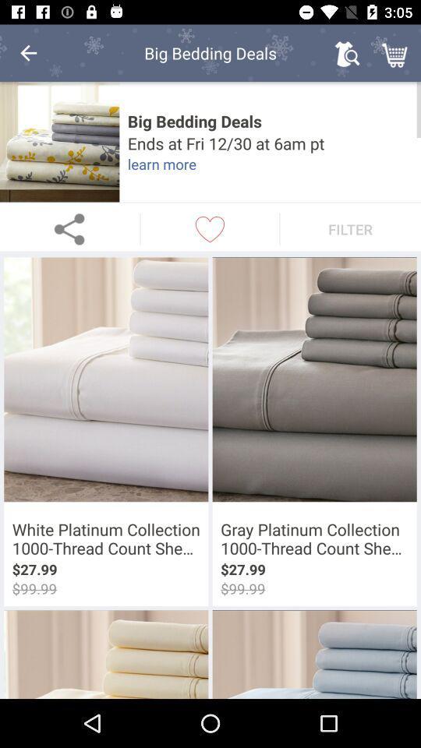 Image resolution: width=421 pixels, height=748 pixels. What do you see at coordinates (58, 142) in the screenshot?
I see `open page` at bounding box center [58, 142].